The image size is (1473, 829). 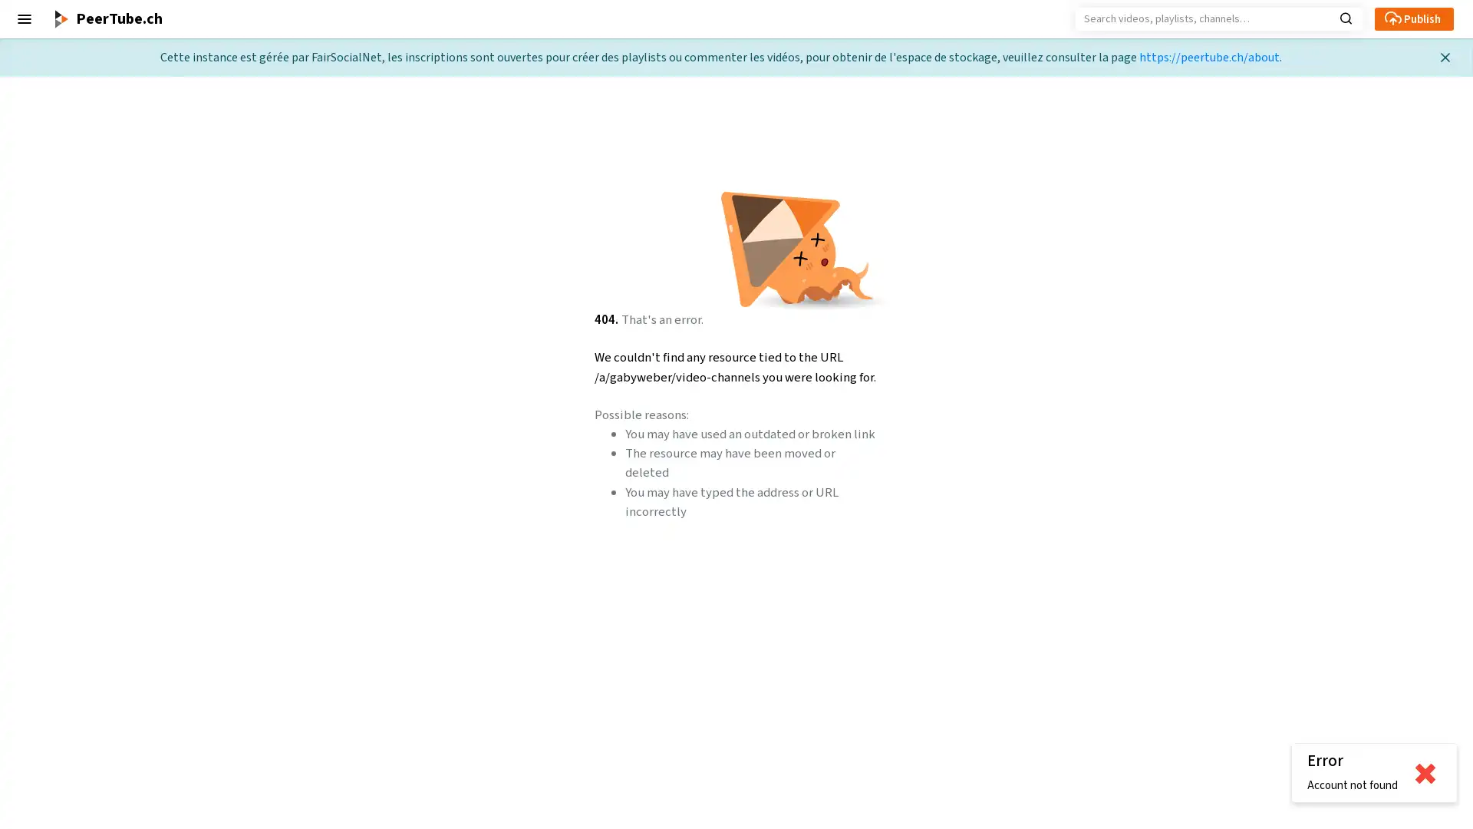 What do you see at coordinates (55, 757) in the screenshot?
I see `Interface: English` at bounding box center [55, 757].